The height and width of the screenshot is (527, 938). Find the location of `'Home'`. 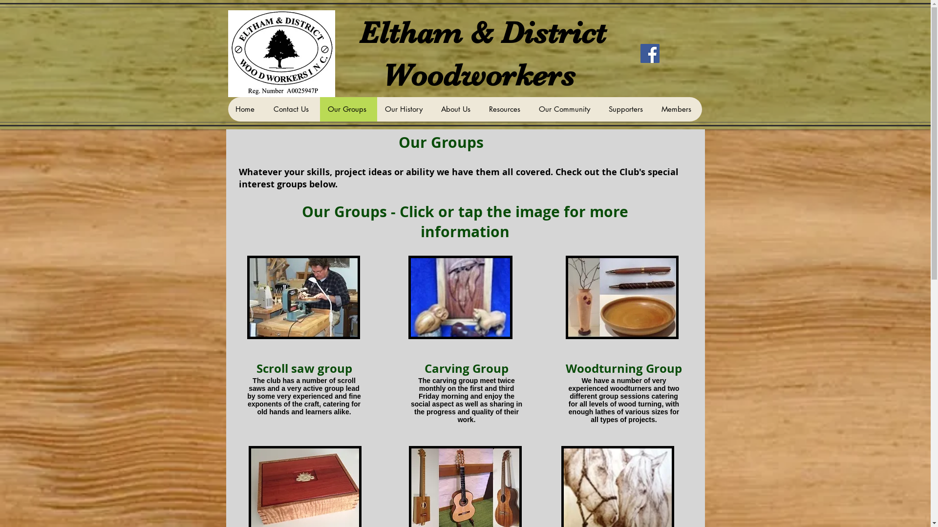

'Home' is located at coordinates (227, 109).